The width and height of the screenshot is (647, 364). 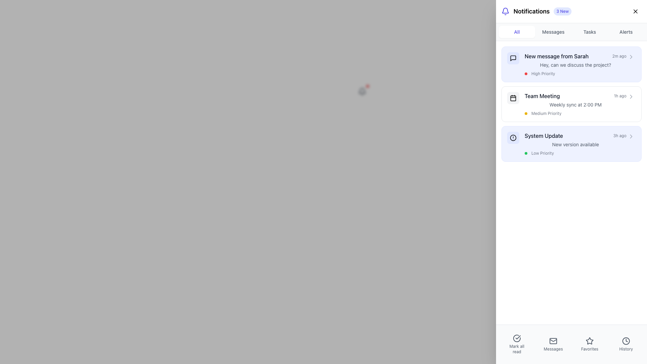 What do you see at coordinates (517, 349) in the screenshot?
I see `the label representing the action to mark all notifications as read, located in the bottom navigation bar underneath the icon in the leftmost slot` at bounding box center [517, 349].